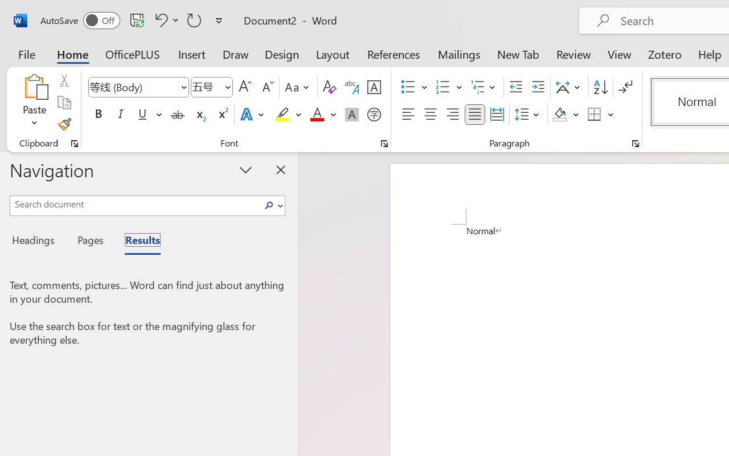 This screenshot has height=456, width=729. What do you see at coordinates (452, 115) in the screenshot?
I see `'Align Right'` at bounding box center [452, 115].